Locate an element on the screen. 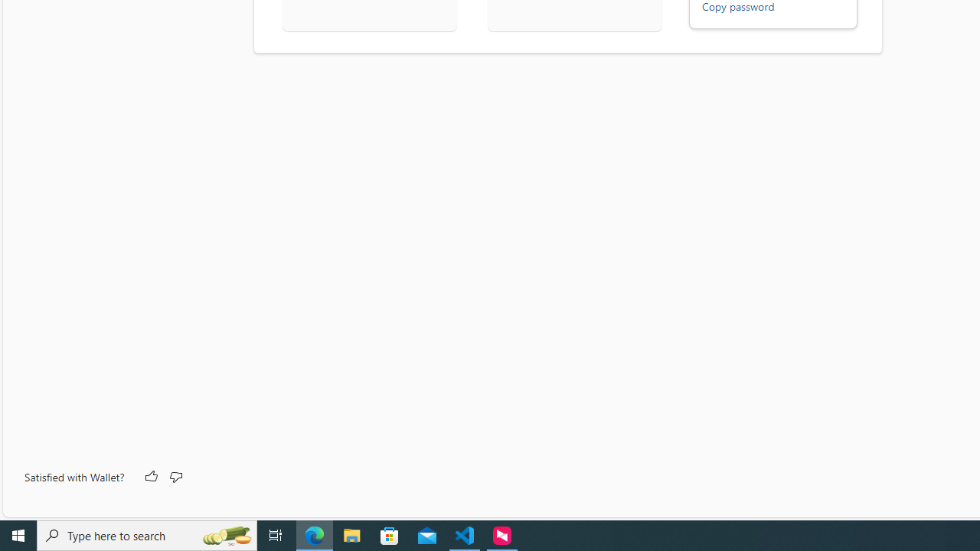 This screenshot has width=980, height=551. 'Like' is located at coordinates (151, 476).